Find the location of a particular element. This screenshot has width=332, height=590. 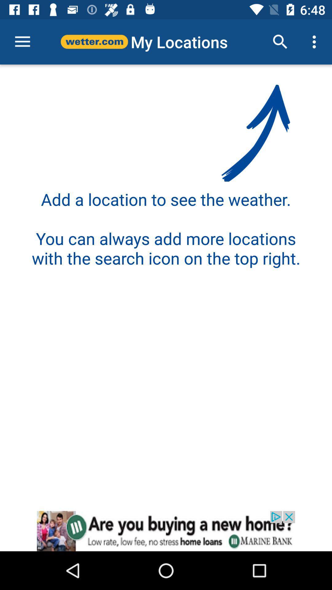

install different app is located at coordinates (166, 531).